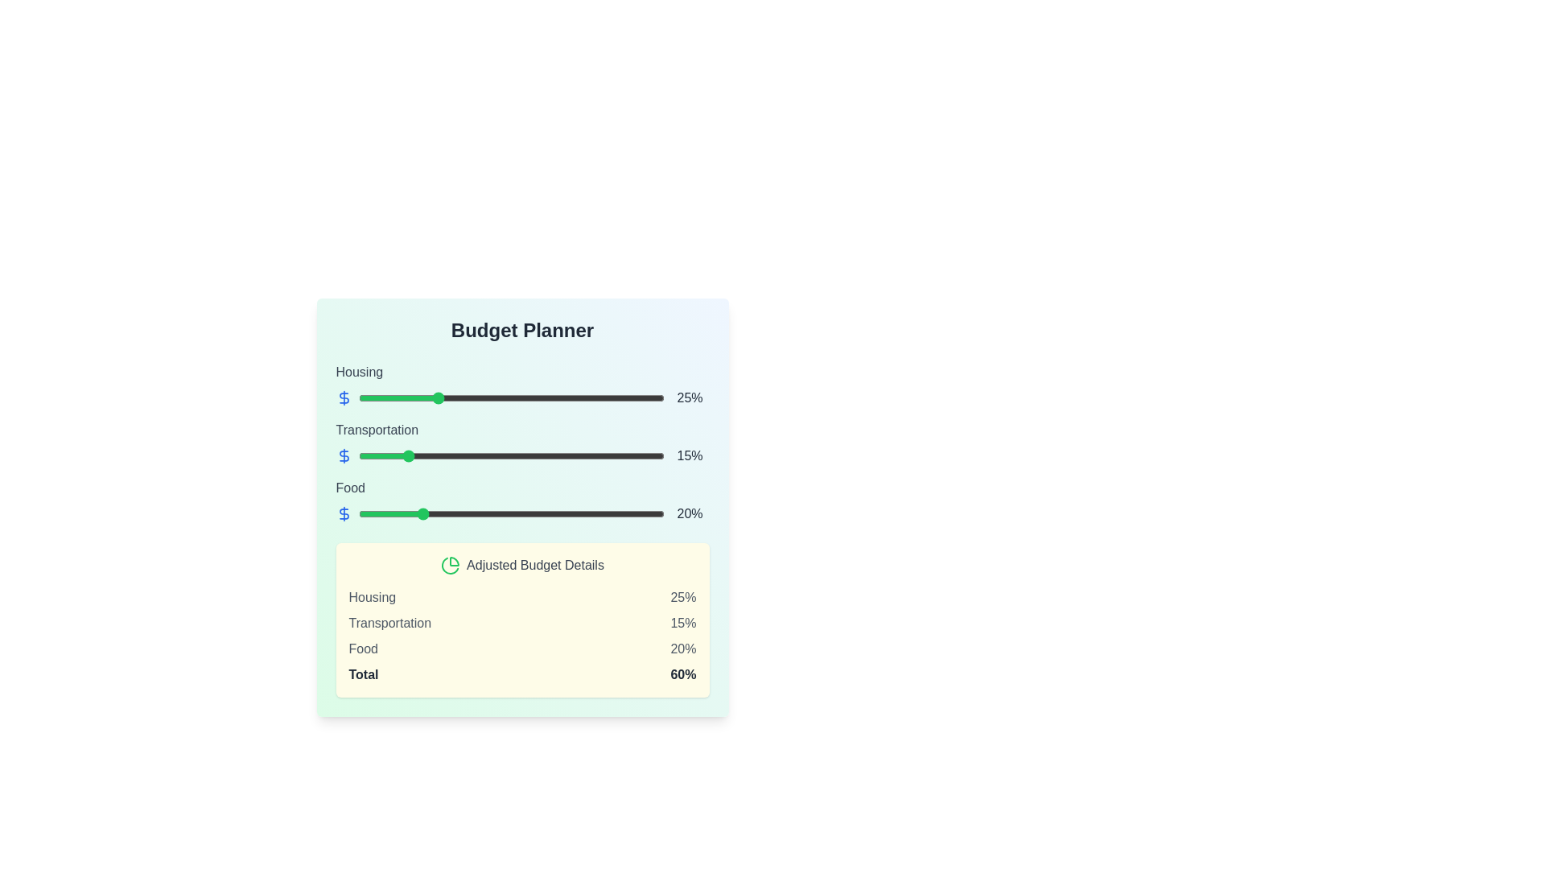 Image resolution: width=1545 pixels, height=869 pixels. Describe the element at coordinates (535, 397) in the screenshot. I see `the housing budget slider` at that location.